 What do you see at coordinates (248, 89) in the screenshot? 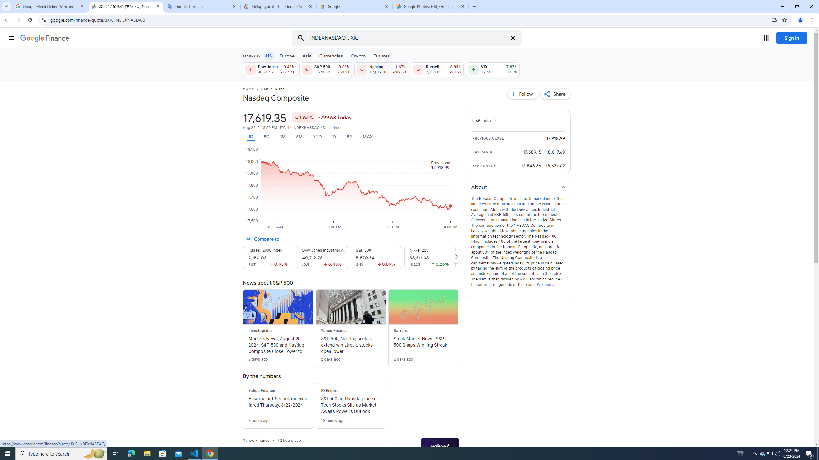
I see `'HOME'` at bounding box center [248, 89].